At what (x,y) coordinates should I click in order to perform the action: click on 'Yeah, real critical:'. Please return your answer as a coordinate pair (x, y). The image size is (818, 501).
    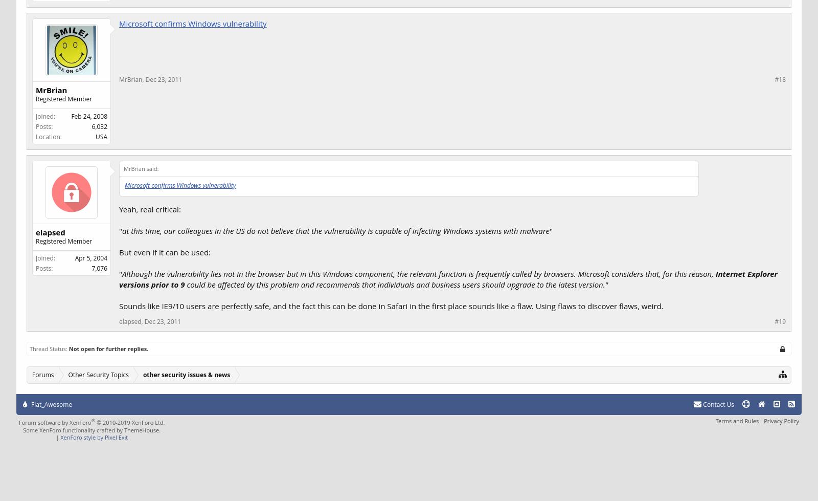
    Looking at the image, I should click on (149, 209).